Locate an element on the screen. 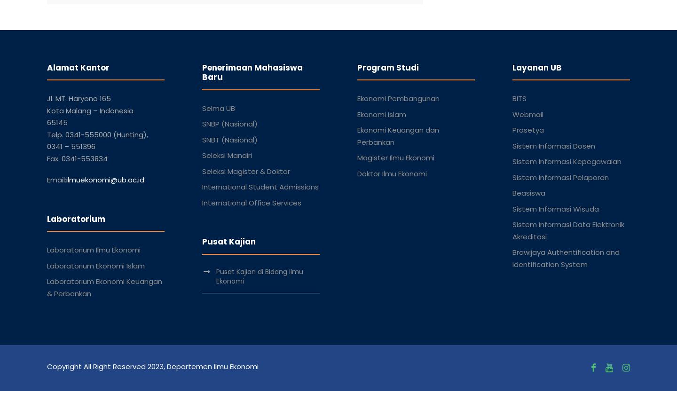 The height and width of the screenshot is (394, 677). 'Brawijaya Authentification and Identification System' is located at coordinates (565, 258).